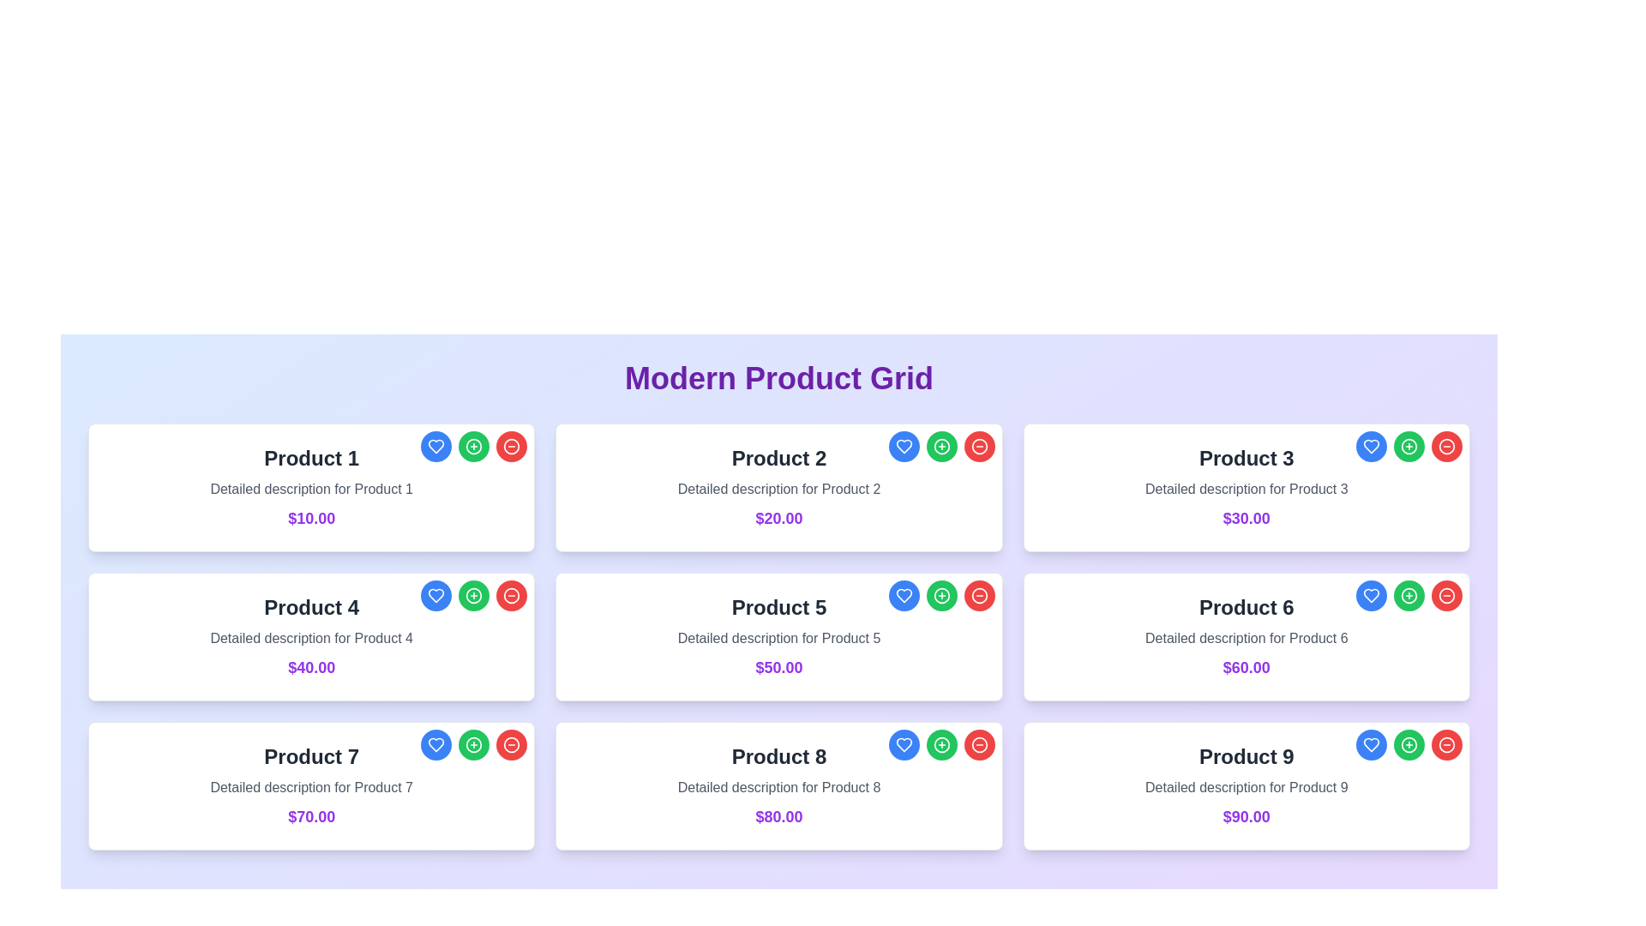 This screenshot has width=1646, height=926. I want to click on the circular button in the 'Product 9' card, which is the middle icon among three control icons (heart, plus, cross), so click(1409, 743).